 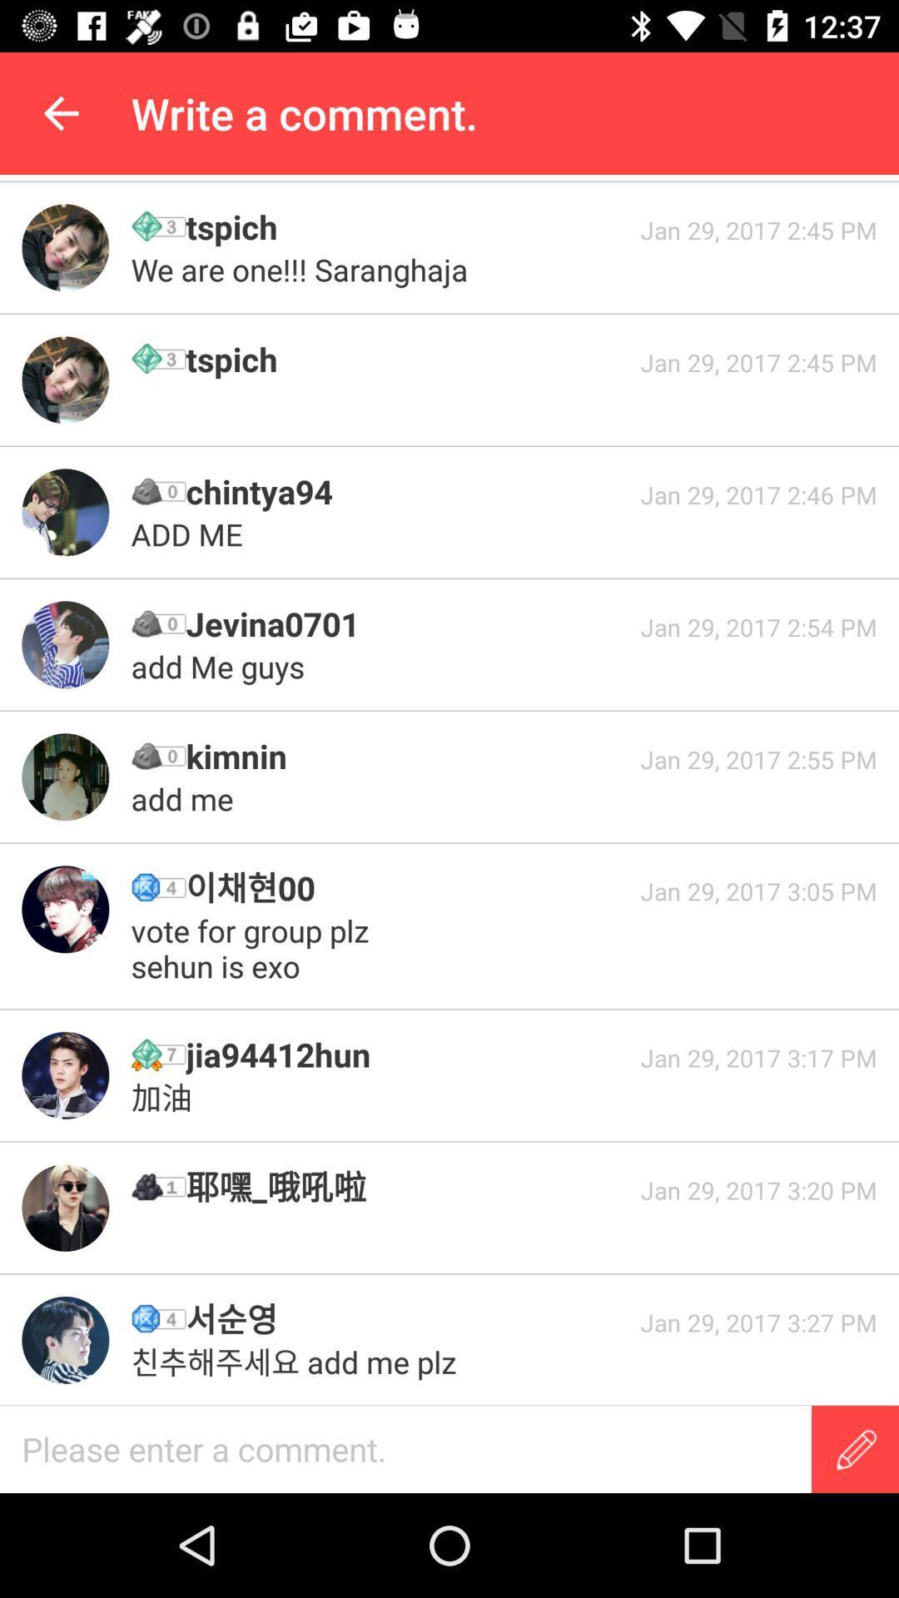 What do you see at coordinates (64, 643) in the screenshot?
I see `profile` at bounding box center [64, 643].